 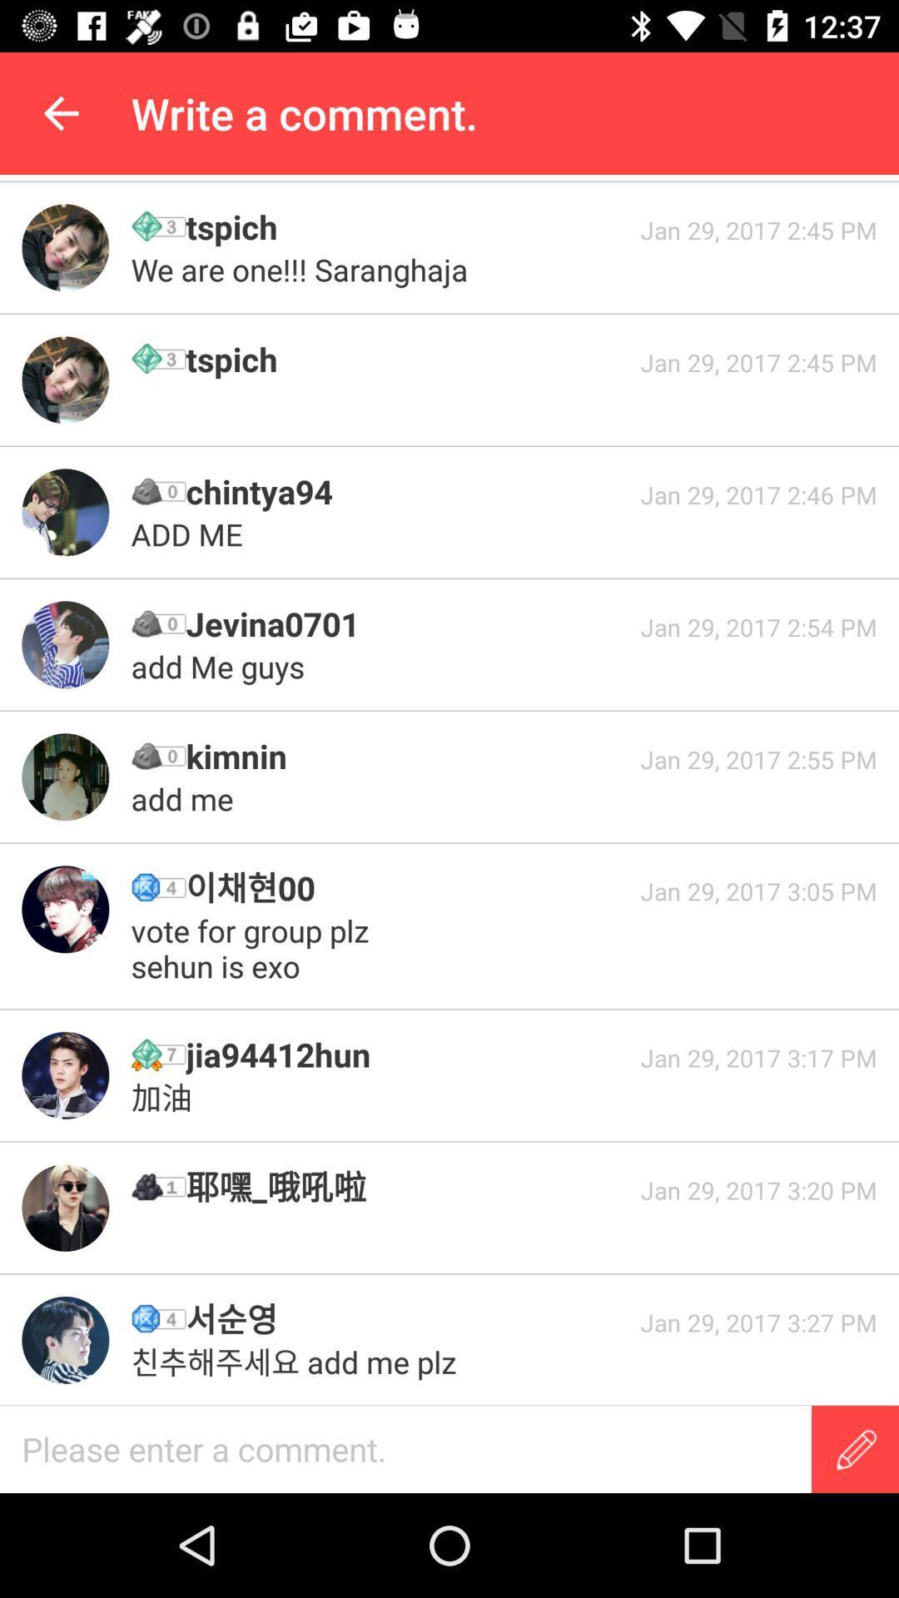 What do you see at coordinates (64, 643) in the screenshot?
I see `profile` at bounding box center [64, 643].